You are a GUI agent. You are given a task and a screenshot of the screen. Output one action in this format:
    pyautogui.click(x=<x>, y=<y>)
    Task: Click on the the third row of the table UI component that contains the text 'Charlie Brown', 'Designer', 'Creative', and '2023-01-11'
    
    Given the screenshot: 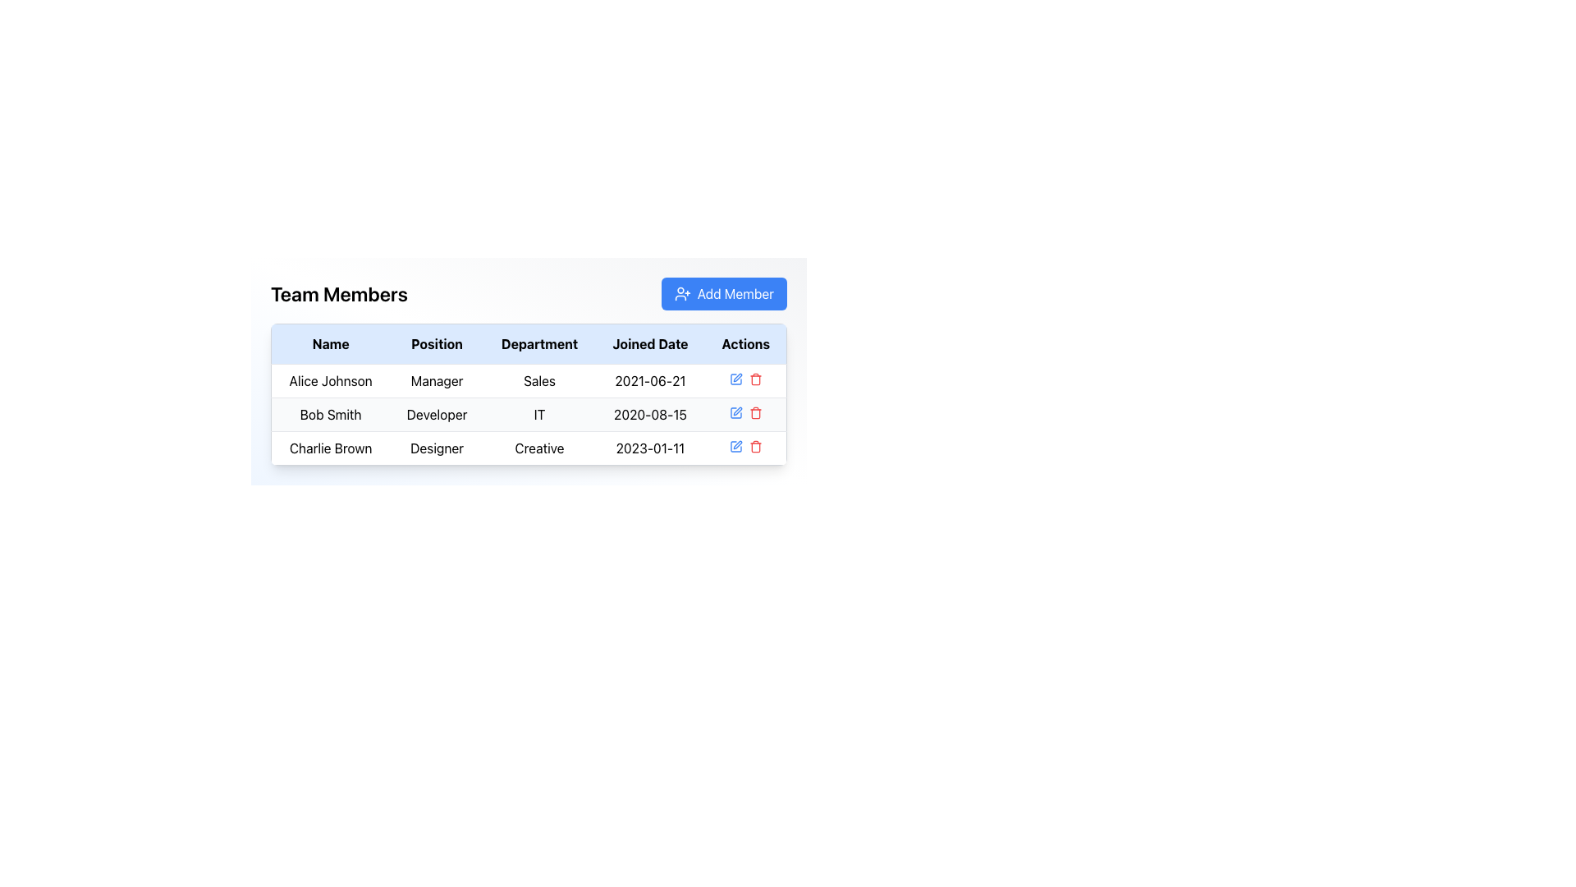 What is the action you would take?
    pyautogui.click(x=529, y=448)
    